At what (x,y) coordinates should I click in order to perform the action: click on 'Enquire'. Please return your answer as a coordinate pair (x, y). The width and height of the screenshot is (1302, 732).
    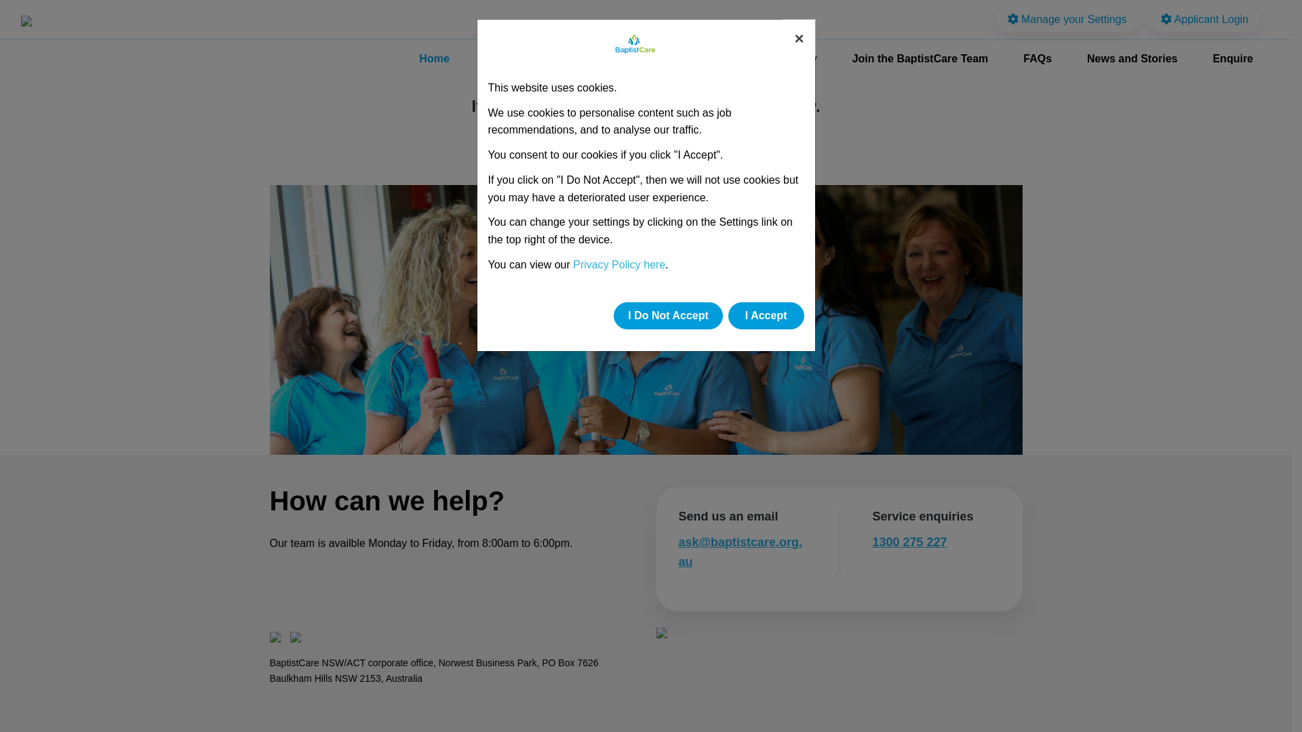
    Looking at the image, I should click on (1233, 58).